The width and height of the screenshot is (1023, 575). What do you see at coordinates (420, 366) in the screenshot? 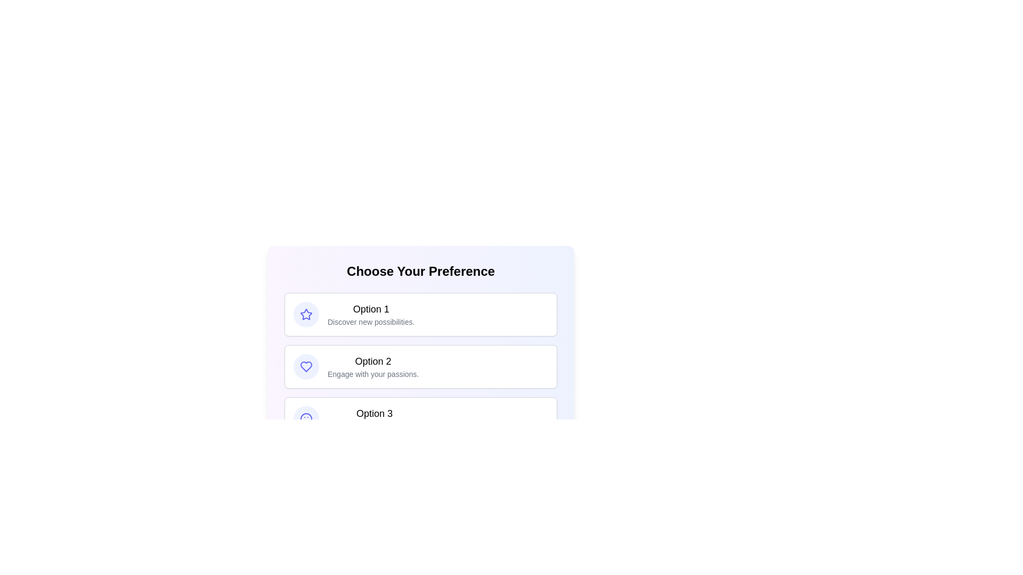
I see `keyboard navigation` at bounding box center [420, 366].